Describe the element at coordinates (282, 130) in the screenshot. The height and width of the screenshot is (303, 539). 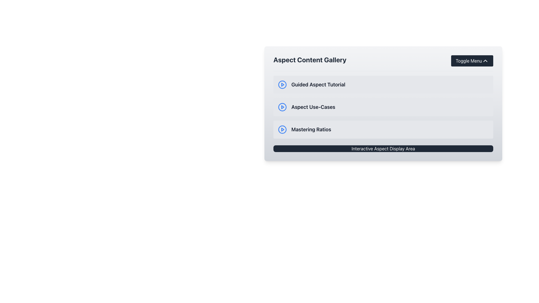
I see `the play button located in the 'Mastering Ratios' section, which is positioned to the left of the text label 'Mastering Ratios' in the third row of the 'Aspect Content Gallery' layout` at that location.